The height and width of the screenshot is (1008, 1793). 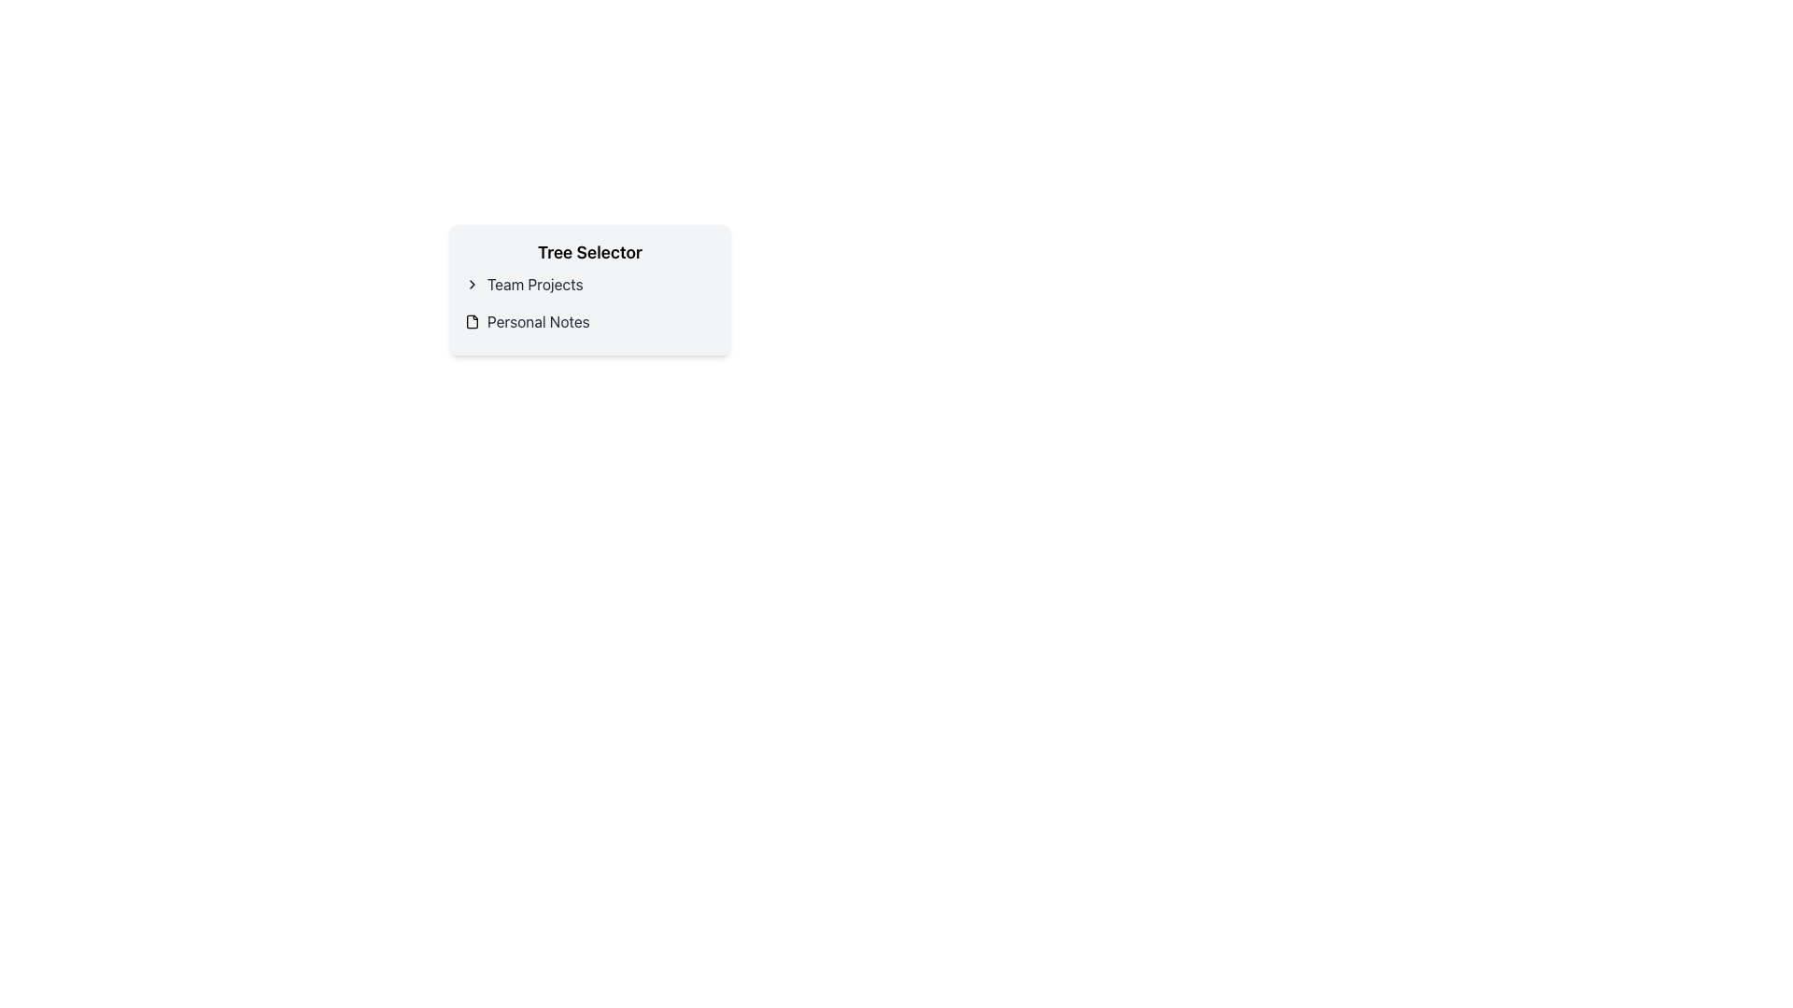 I want to click on the file icon located next to the 'Personal Notes' text, which has a rectangular base and a curved corner, indicating a document or file, so click(x=472, y=320).